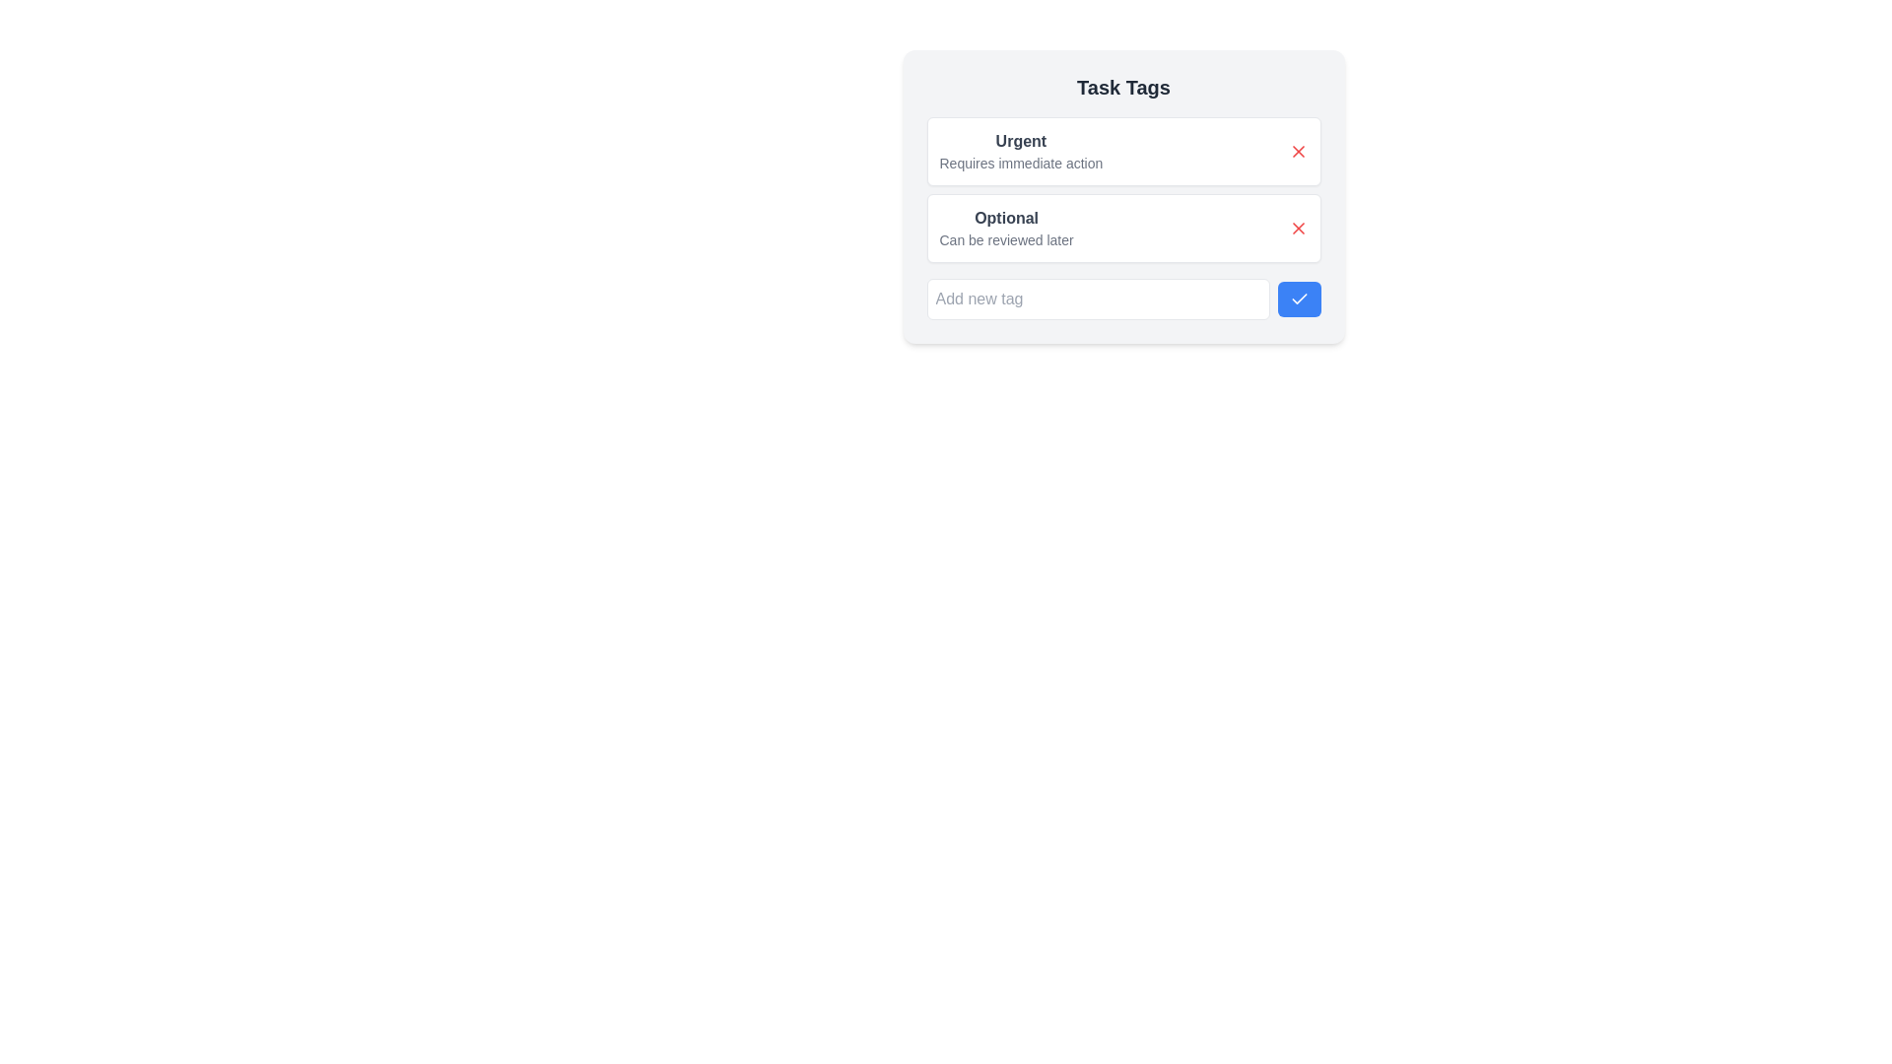 Image resolution: width=1892 pixels, height=1064 pixels. What do you see at coordinates (1298, 227) in the screenshot?
I see `the icon button located to the right of the 'Optional' label in the 'Task Tags' panel` at bounding box center [1298, 227].